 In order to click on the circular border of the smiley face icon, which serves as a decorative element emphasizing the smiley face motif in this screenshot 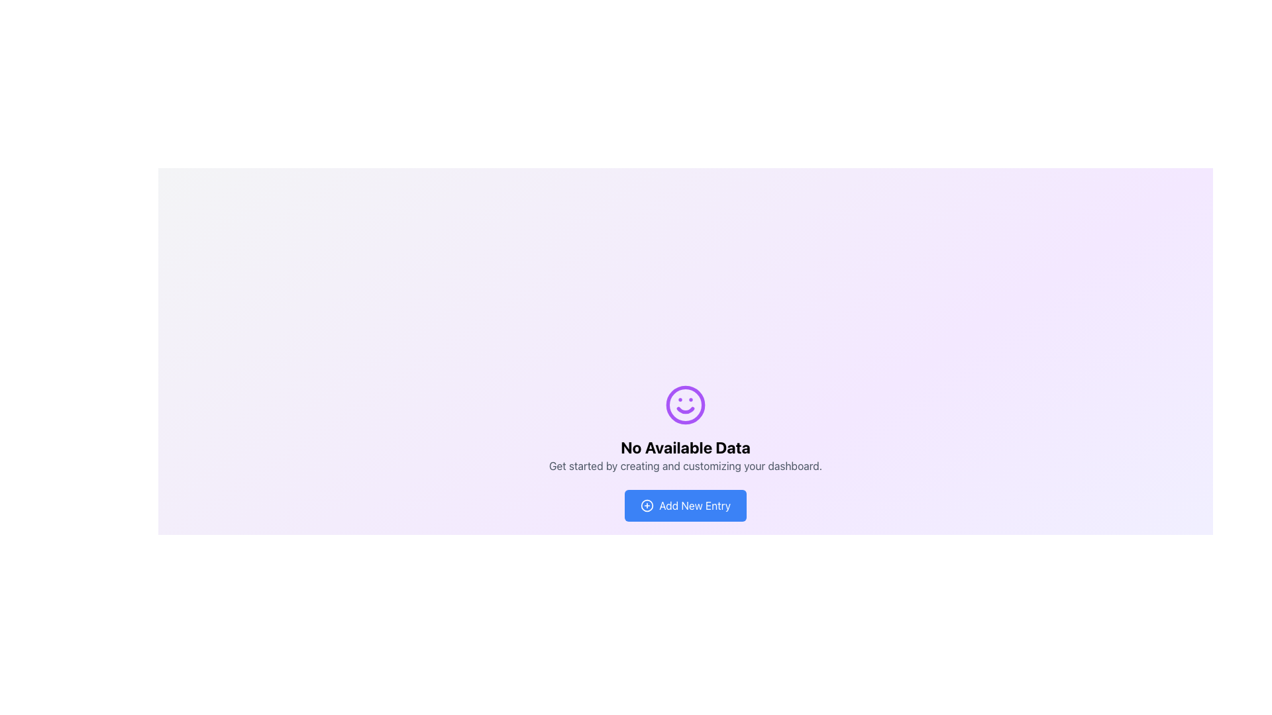, I will do `click(686, 405)`.